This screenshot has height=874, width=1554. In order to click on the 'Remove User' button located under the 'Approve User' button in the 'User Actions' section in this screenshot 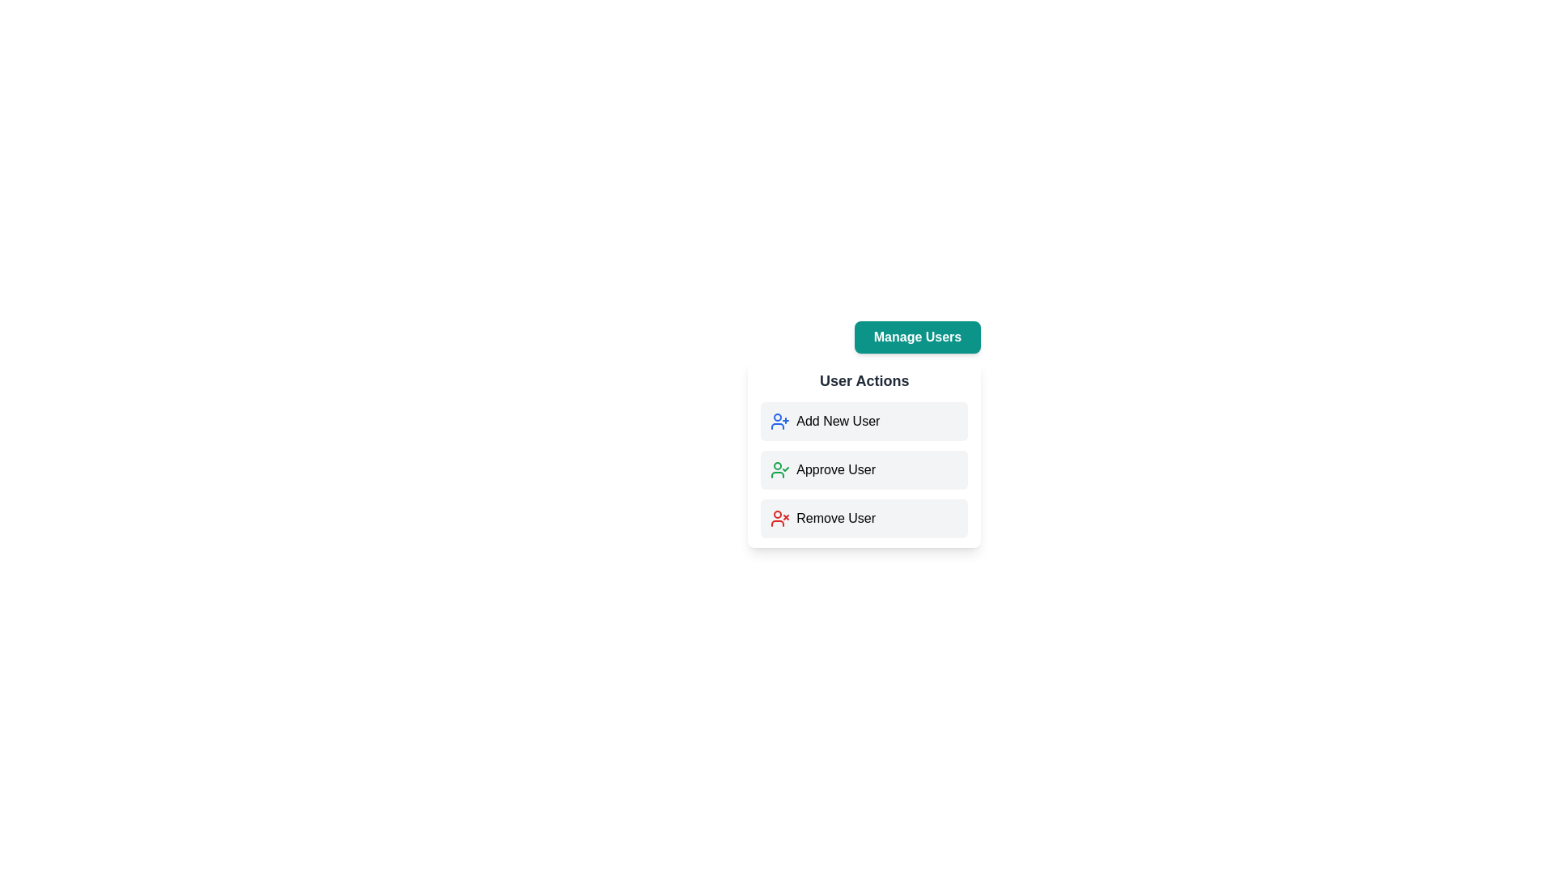, I will do `click(864, 518)`.